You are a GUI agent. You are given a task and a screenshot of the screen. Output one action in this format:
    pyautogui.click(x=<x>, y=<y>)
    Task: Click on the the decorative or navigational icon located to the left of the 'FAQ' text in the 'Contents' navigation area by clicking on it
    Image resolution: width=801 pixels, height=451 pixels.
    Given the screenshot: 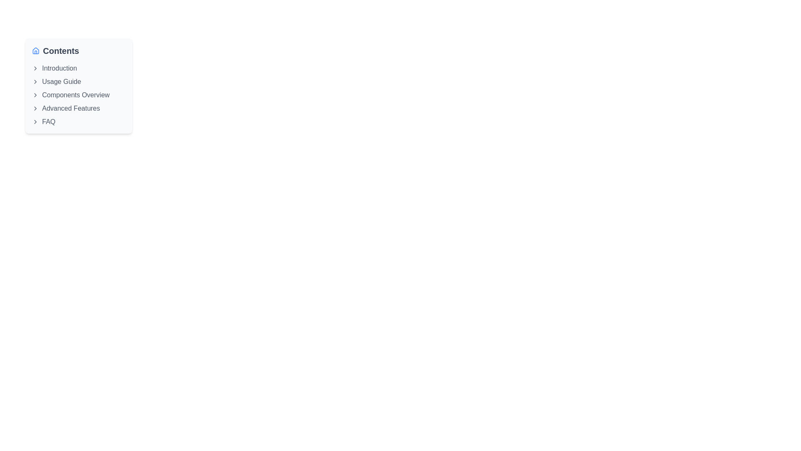 What is the action you would take?
    pyautogui.click(x=35, y=122)
    